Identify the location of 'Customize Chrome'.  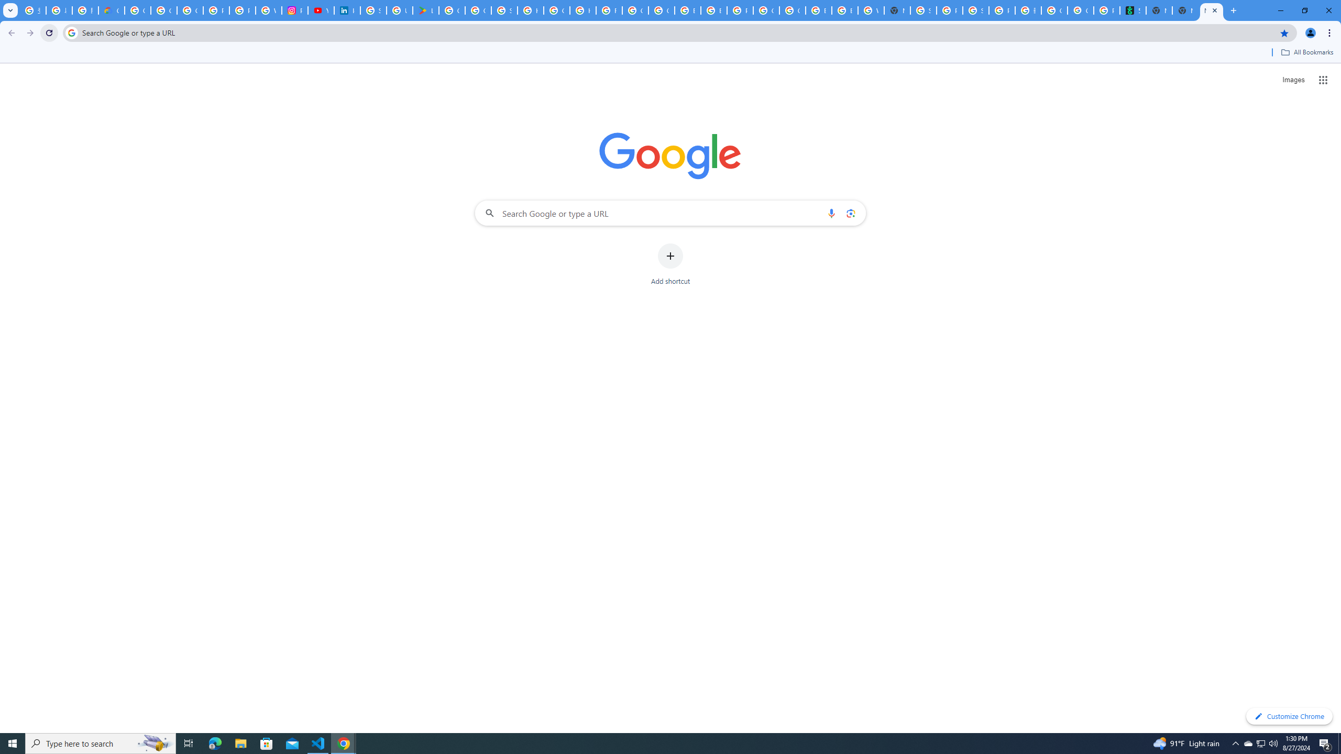
(1289, 716).